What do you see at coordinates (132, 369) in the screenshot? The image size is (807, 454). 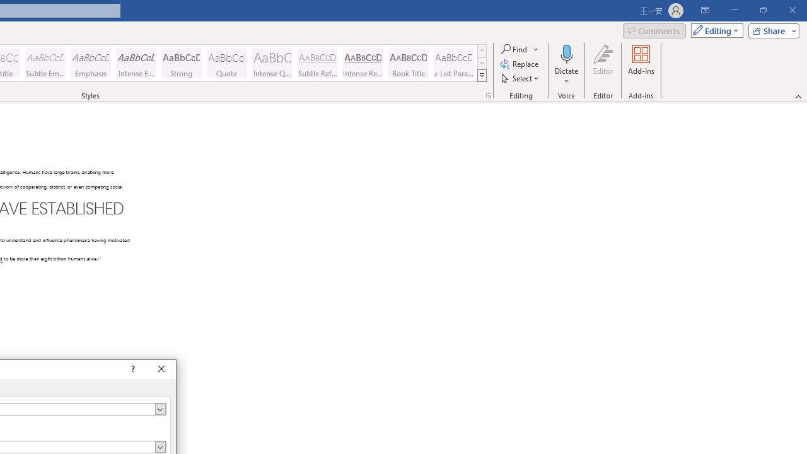 I see `'Context help'` at bounding box center [132, 369].